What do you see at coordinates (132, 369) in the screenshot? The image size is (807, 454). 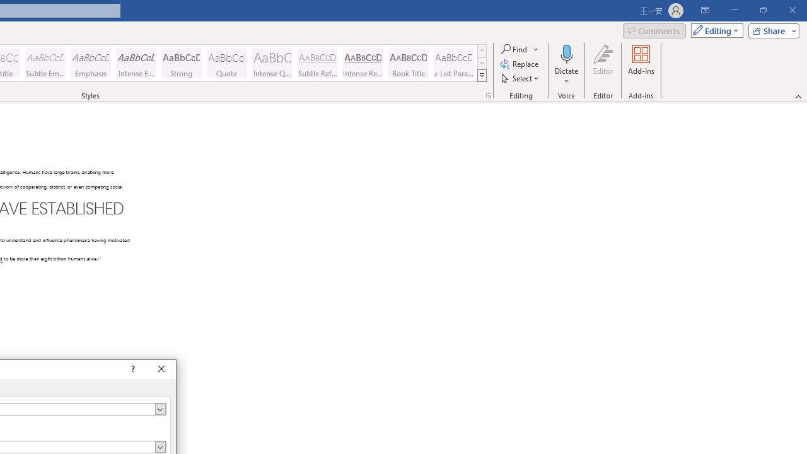 I see `'Context help'` at bounding box center [132, 369].